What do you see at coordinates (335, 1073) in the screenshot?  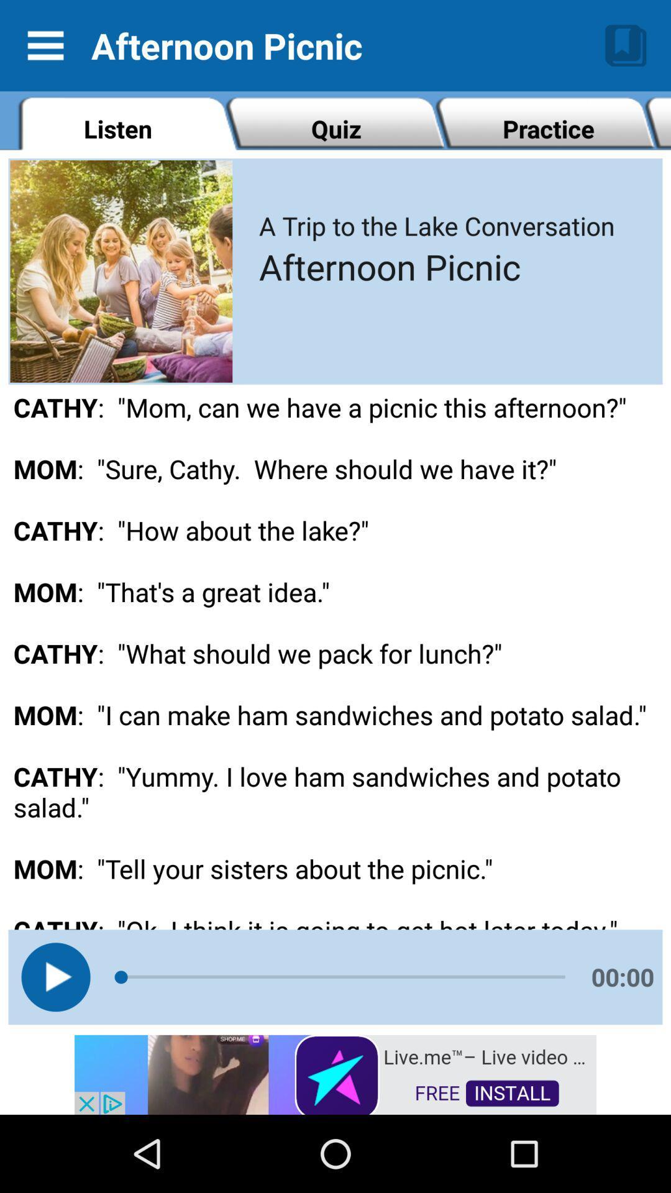 I see `live.me advertisement` at bounding box center [335, 1073].